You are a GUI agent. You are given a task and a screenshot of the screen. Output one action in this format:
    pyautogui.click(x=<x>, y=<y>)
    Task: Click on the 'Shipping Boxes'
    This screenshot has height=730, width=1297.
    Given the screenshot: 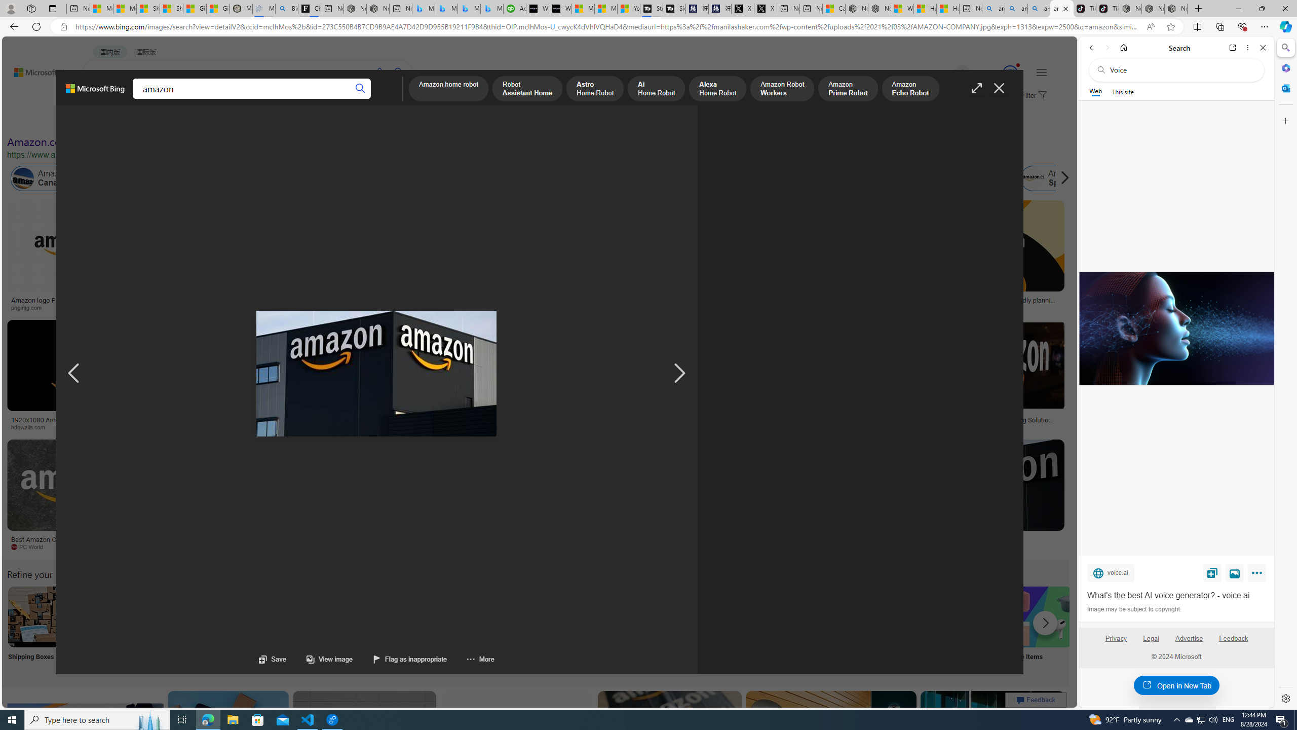 What is the action you would take?
    pyautogui.click(x=37, y=629)
    